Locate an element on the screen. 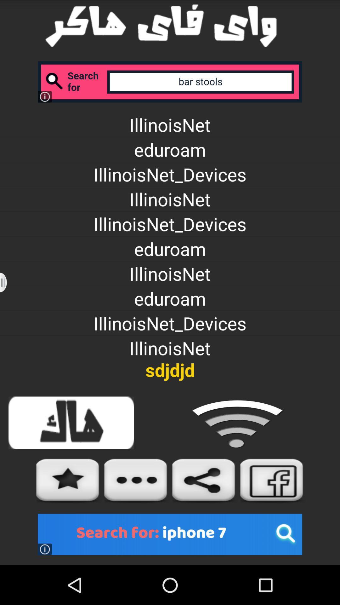 The image size is (340, 605). pull out options is located at coordinates (7, 282).